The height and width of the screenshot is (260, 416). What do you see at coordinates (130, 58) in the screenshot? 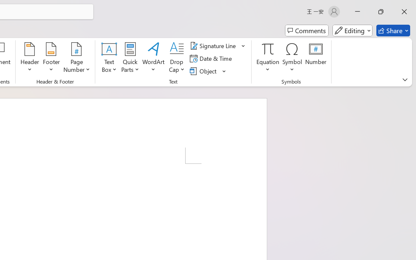
I see `'Quick Parts'` at bounding box center [130, 58].